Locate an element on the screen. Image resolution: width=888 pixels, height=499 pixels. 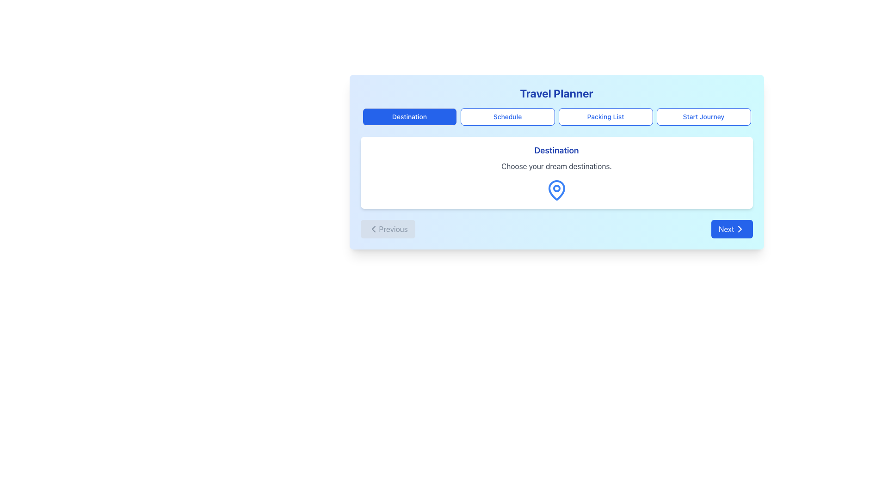
the text label indicating the purpose of the rightmost navigation button in the horizontal navigation bar, which initiates a journey is located at coordinates (703, 116).